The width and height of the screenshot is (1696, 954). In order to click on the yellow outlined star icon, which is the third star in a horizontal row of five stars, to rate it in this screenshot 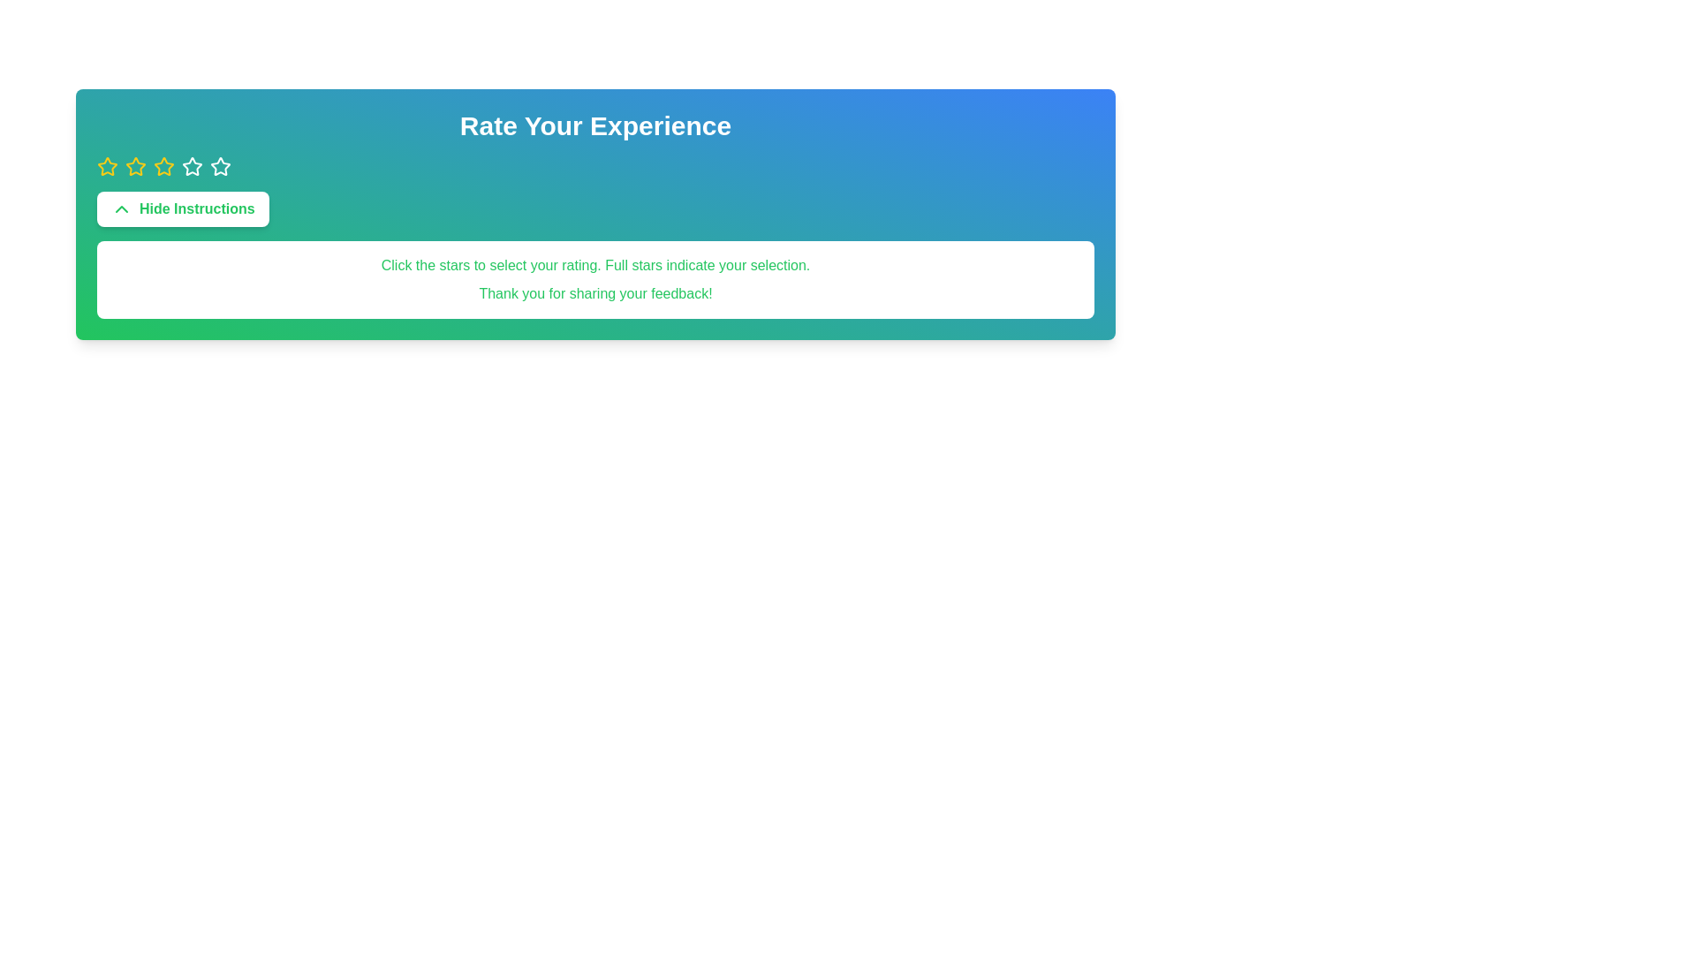, I will do `click(164, 167)`.